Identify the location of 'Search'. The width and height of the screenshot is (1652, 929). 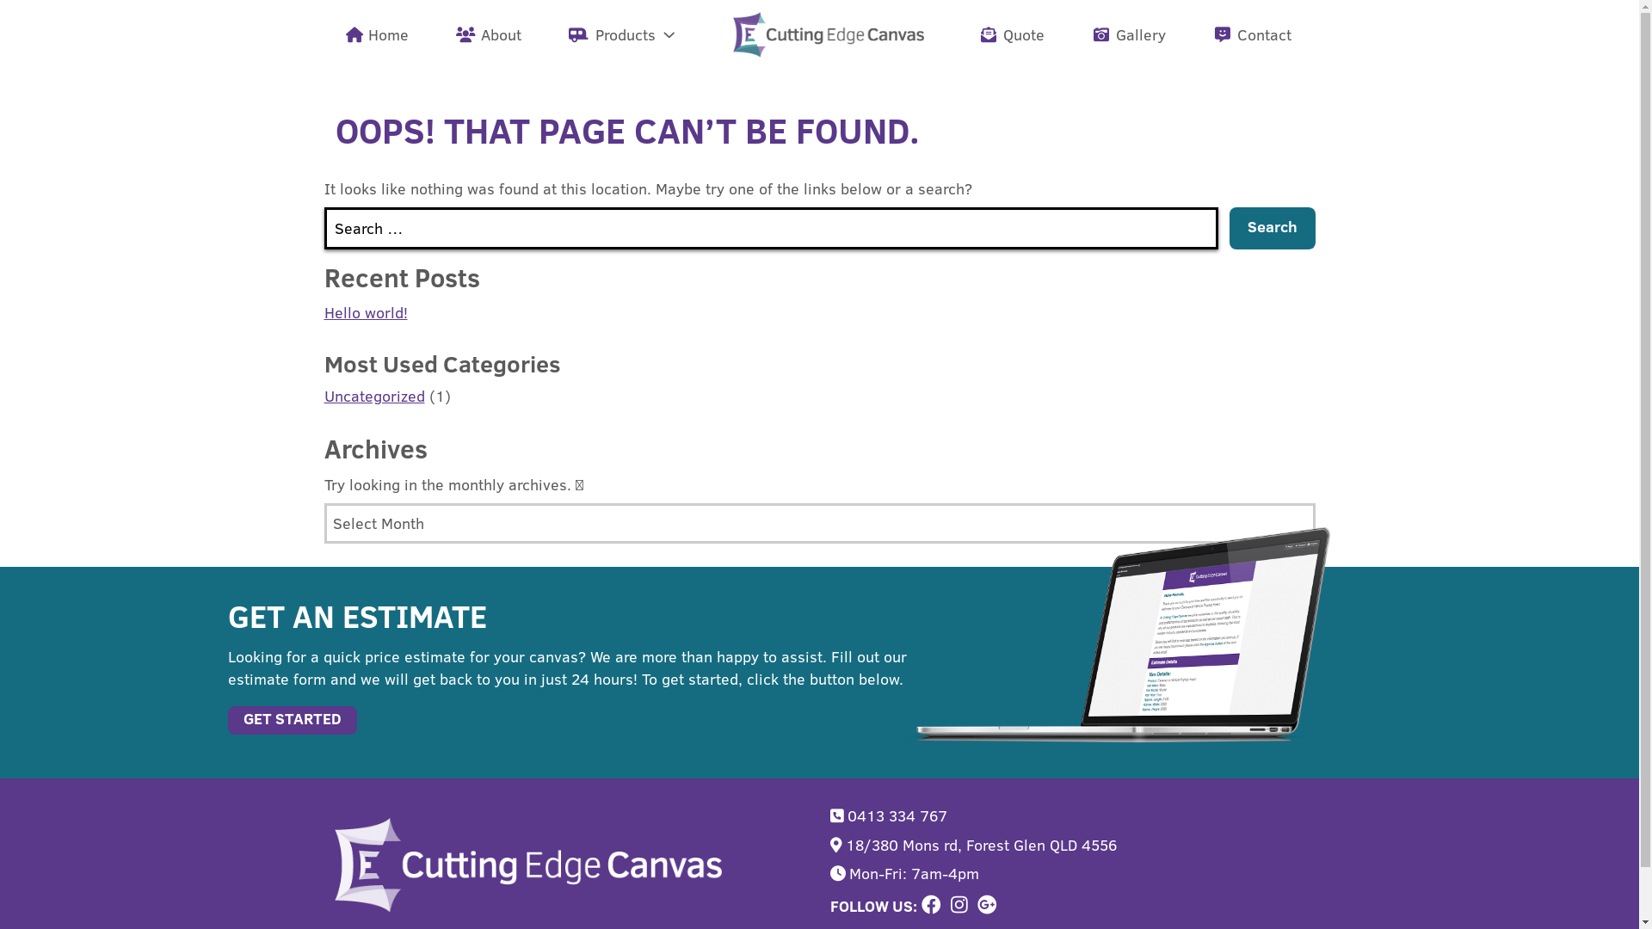
(1272, 227).